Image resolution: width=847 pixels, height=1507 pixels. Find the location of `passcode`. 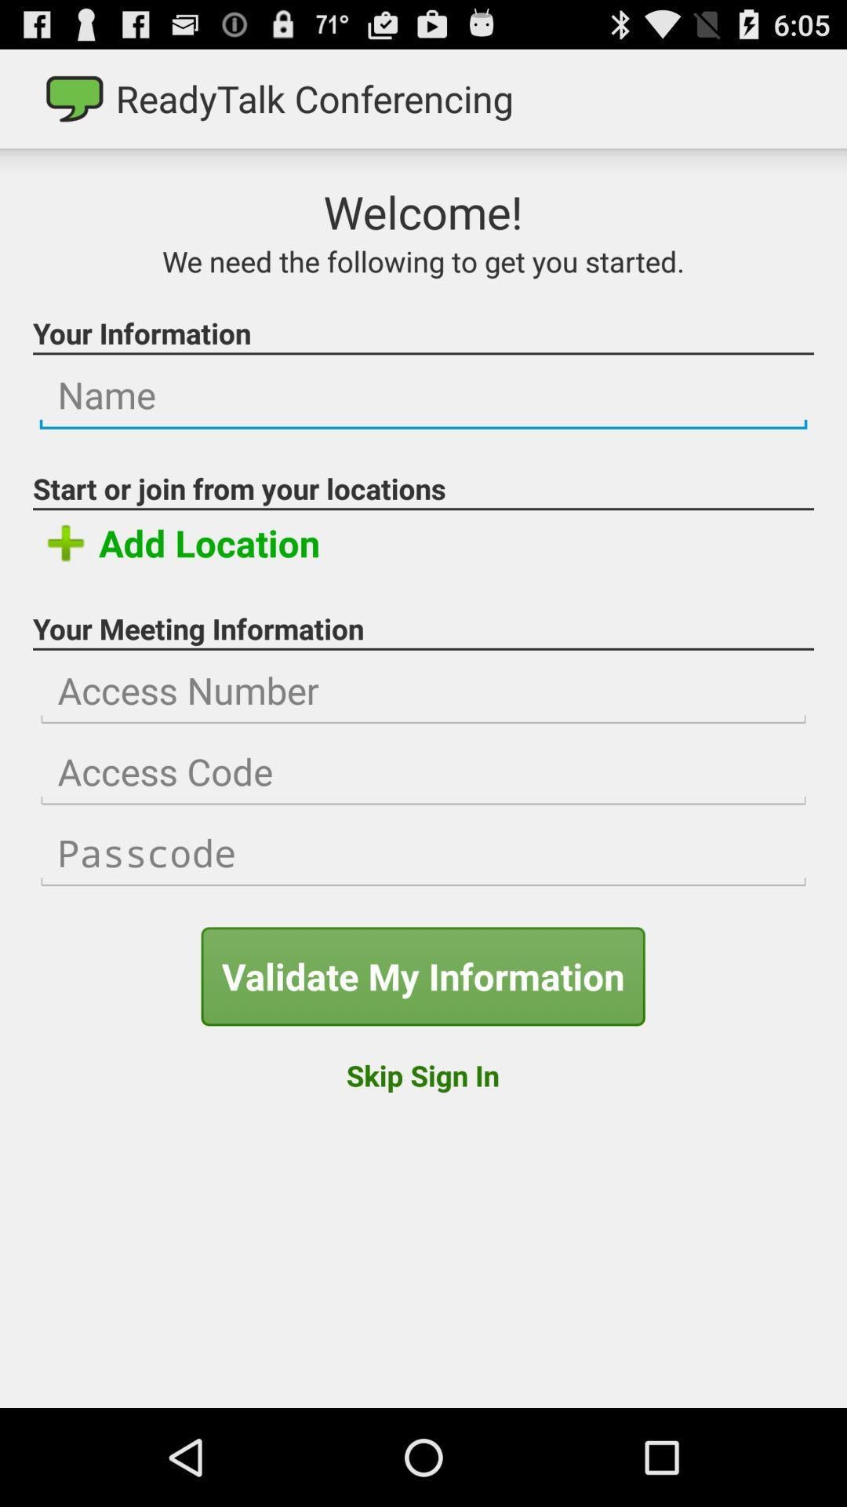

passcode is located at coordinates (423, 852).